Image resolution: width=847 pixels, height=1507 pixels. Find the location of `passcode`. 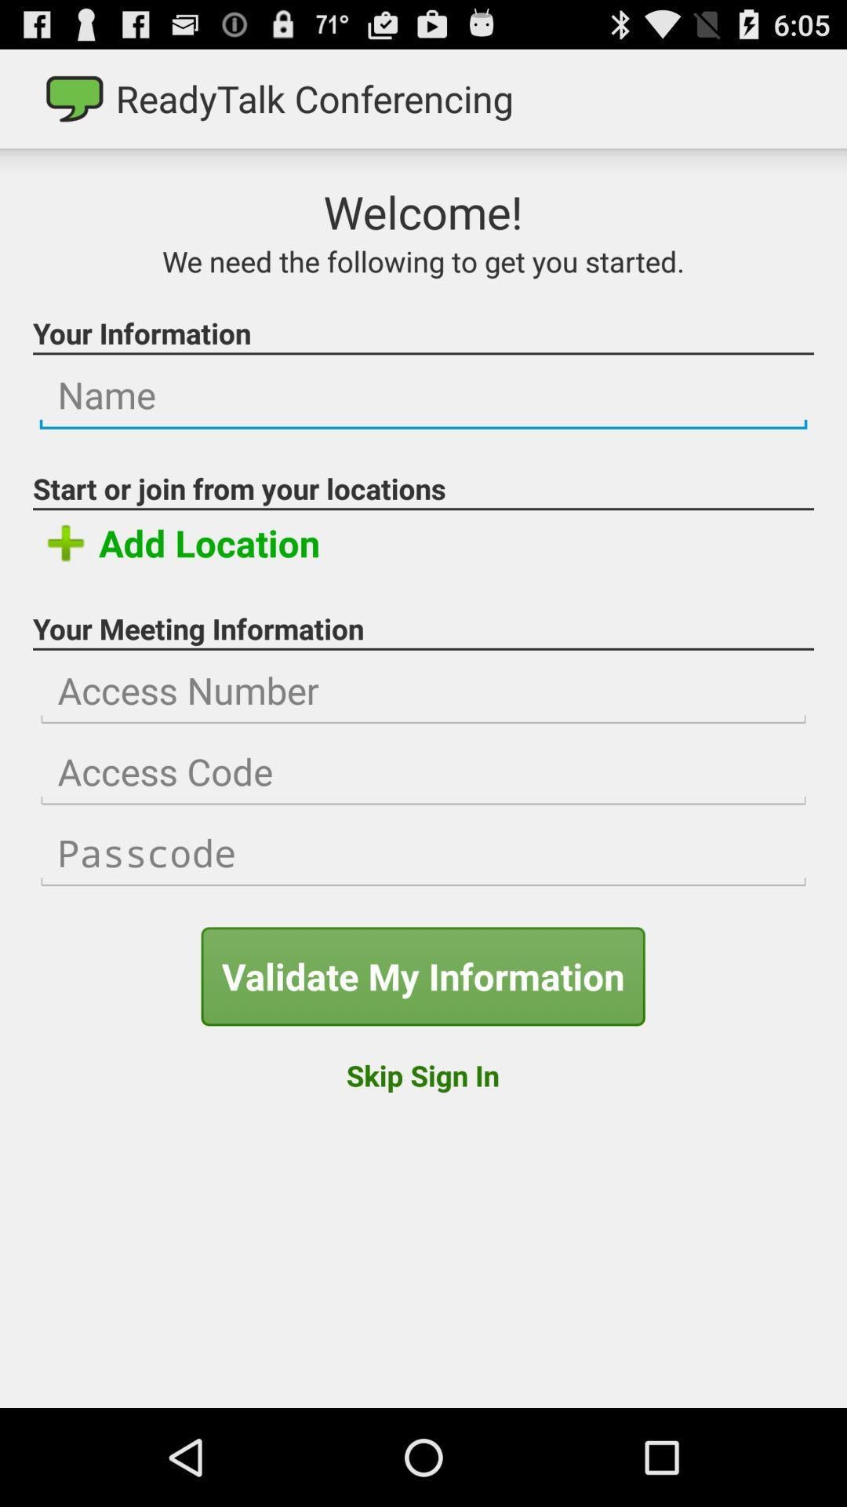

passcode is located at coordinates (423, 852).